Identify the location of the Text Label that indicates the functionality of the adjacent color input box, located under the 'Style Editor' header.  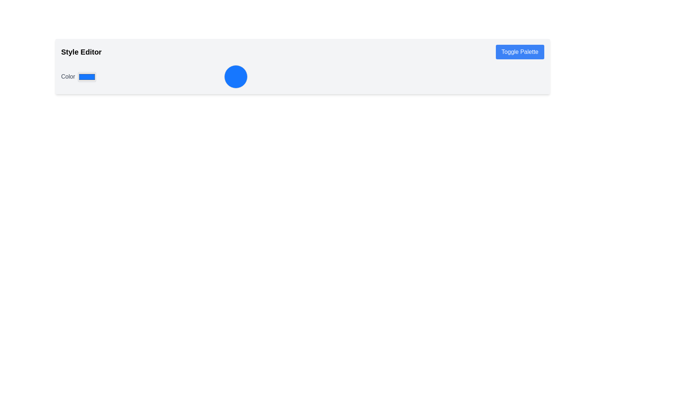
(68, 77).